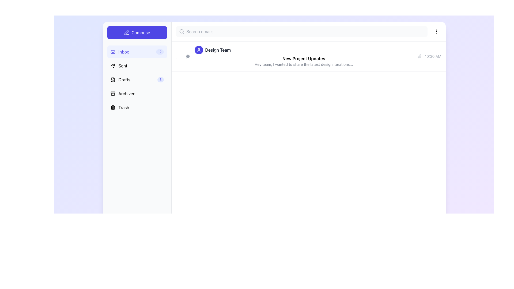 Image resolution: width=514 pixels, height=289 pixels. I want to click on the small paper airplane icon that signifies a 'send' action, located to the left of the 'Sent' text label in the sidebar menu, so click(112, 66).